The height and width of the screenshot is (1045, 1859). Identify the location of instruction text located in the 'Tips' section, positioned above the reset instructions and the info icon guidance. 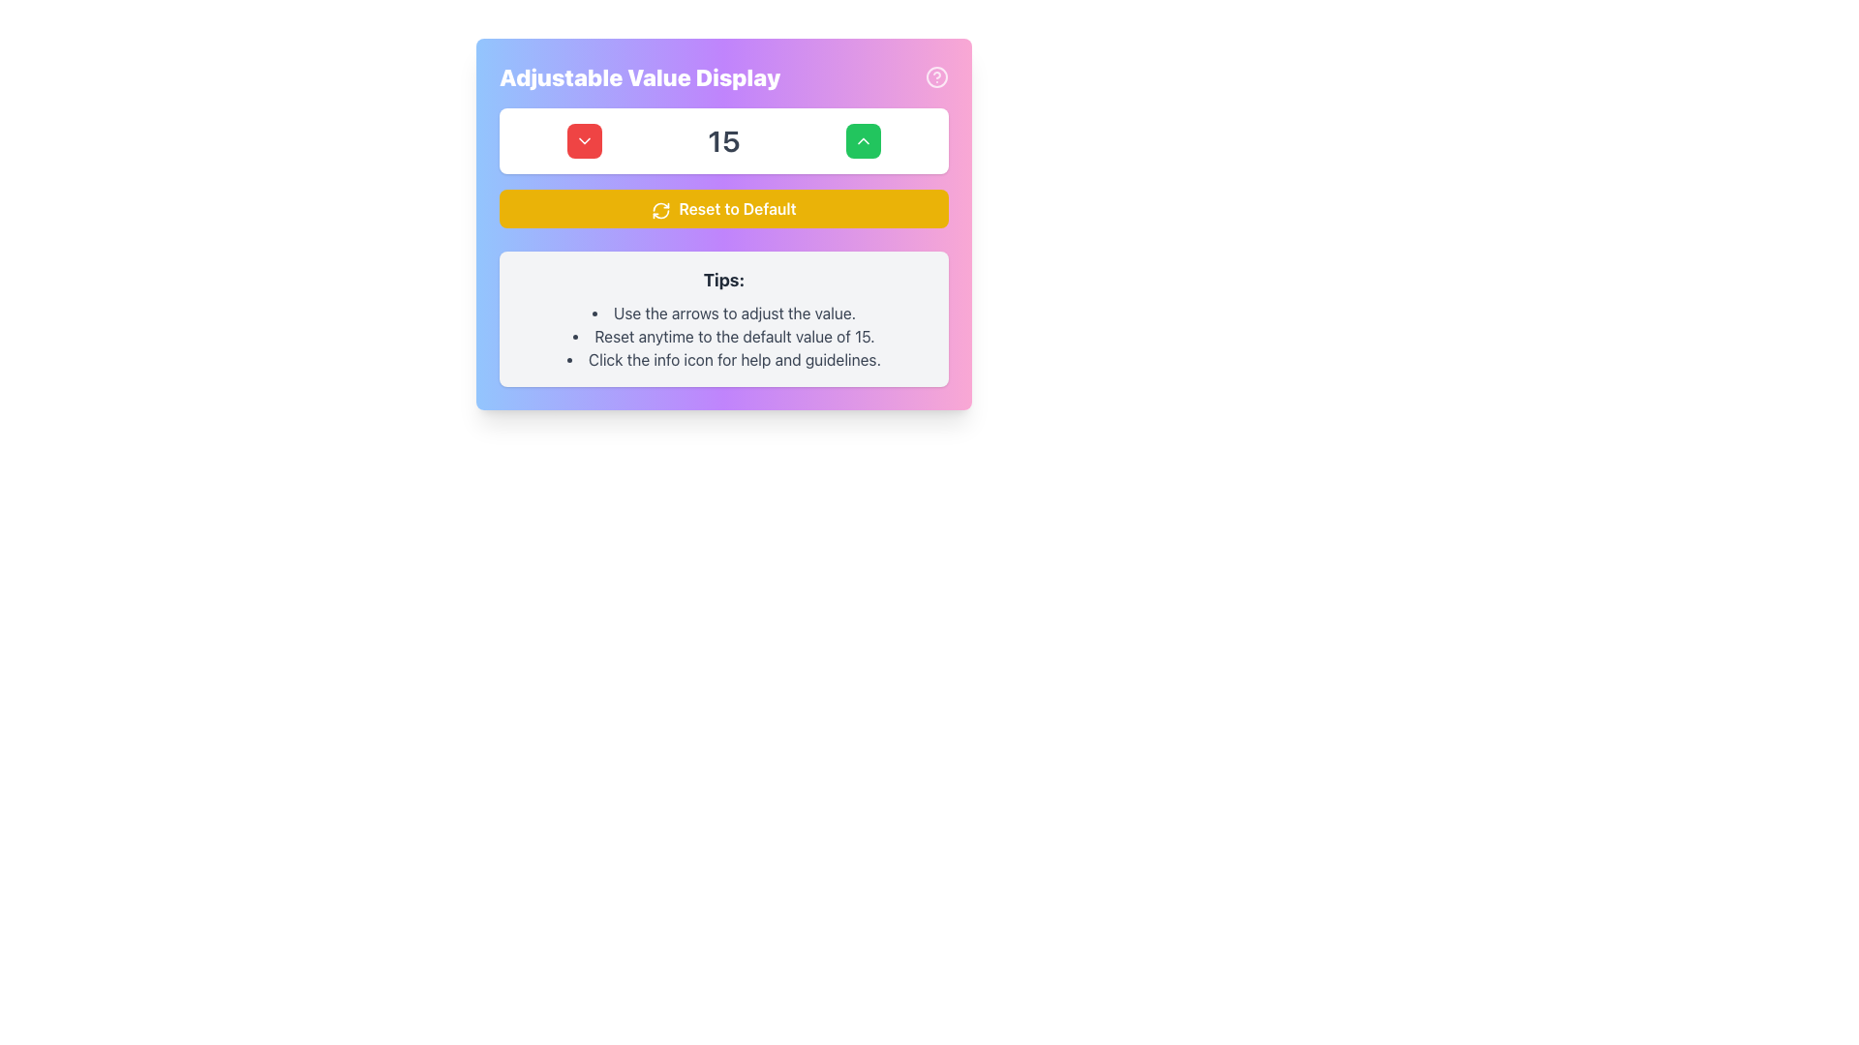
(723, 313).